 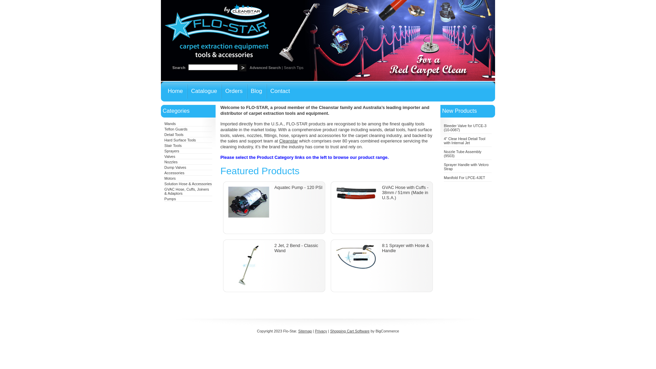 What do you see at coordinates (350, 330) in the screenshot?
I see `'Shopping Cart Software'` at bounding box center [350, 330].